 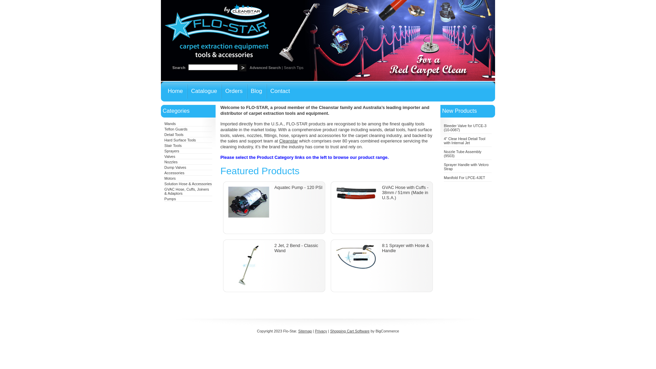 What do you see at coordinates (350, 330) in the screenshot?
I see `'Shopping Cart Software'` at bounding box center [350, 330].